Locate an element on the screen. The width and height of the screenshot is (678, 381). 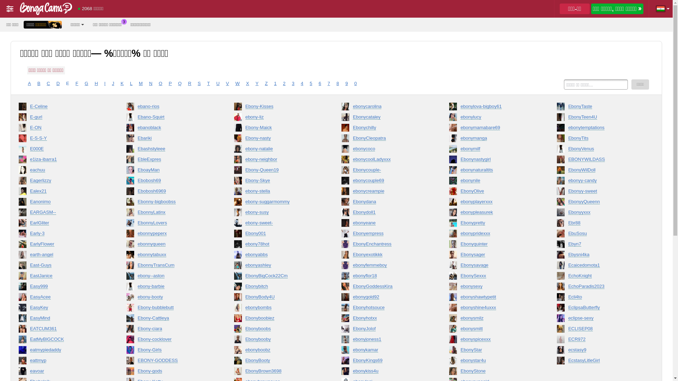
'ebonyjoness1' is located at coordinates (385, 340).